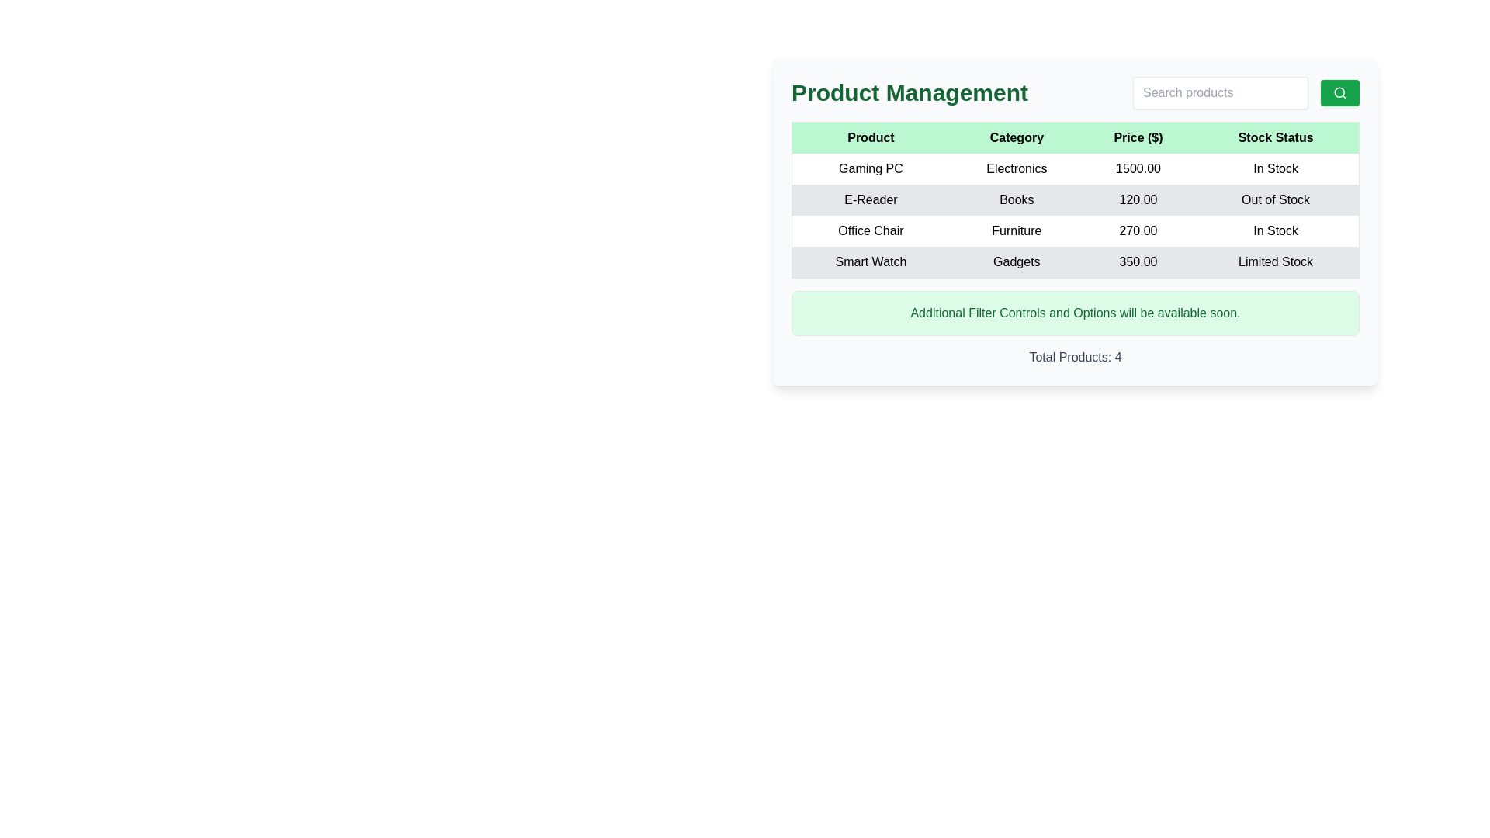  Describe the element at coordinates (1138, 261) in the screenshot. I see `the price text label representing the monetary value of the Smart Watch in the product table` at that location.